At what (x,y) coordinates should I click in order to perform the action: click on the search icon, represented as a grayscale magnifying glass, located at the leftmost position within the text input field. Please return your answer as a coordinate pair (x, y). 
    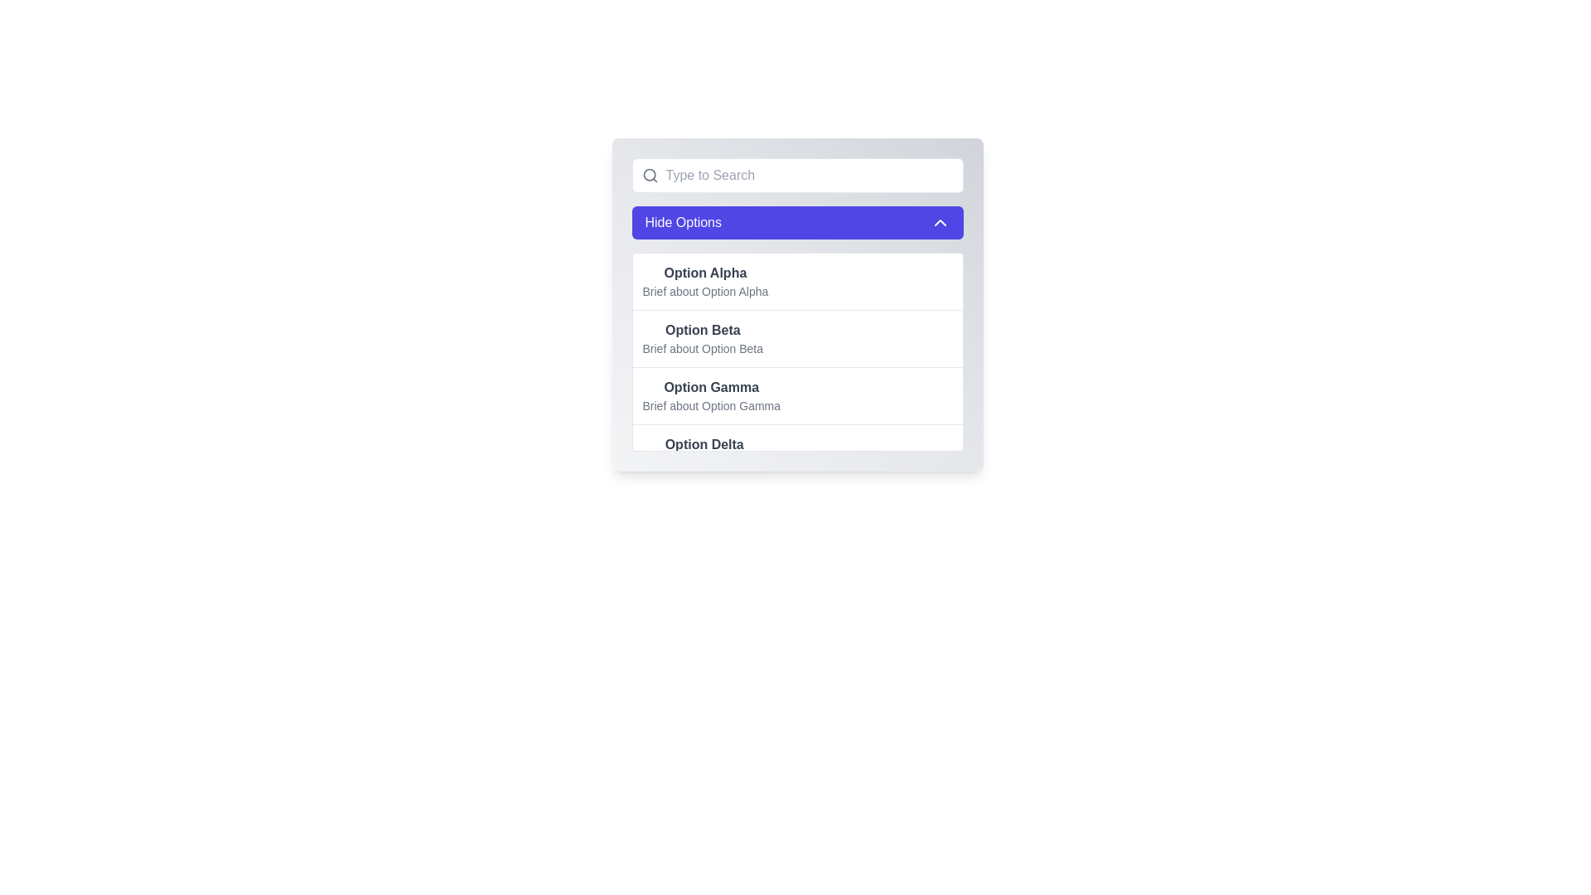
    Looking at the image, I should click on (649, 176).